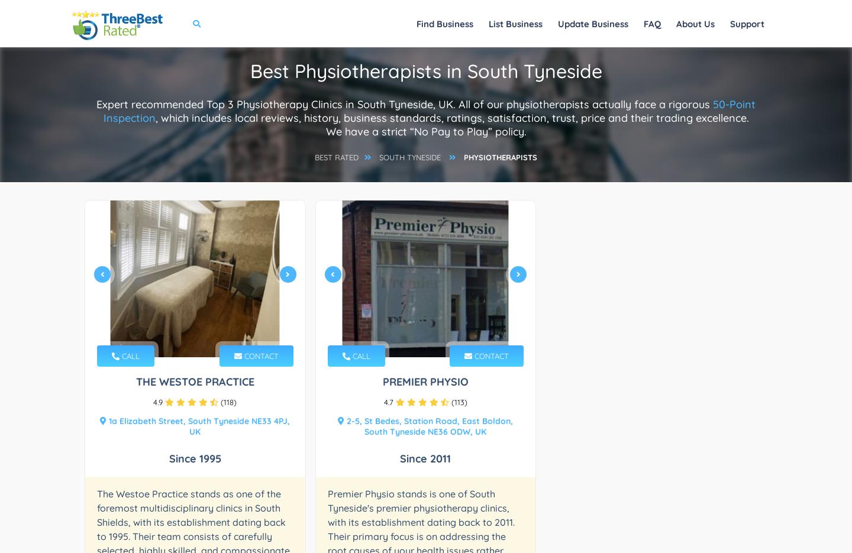  Describe the element at coordinates (428, 425) in the screenshot. I see `'2-5, St Bedes, Station Road, East Boldon, South Tyneside NE36 ODW, UK'` at that location.